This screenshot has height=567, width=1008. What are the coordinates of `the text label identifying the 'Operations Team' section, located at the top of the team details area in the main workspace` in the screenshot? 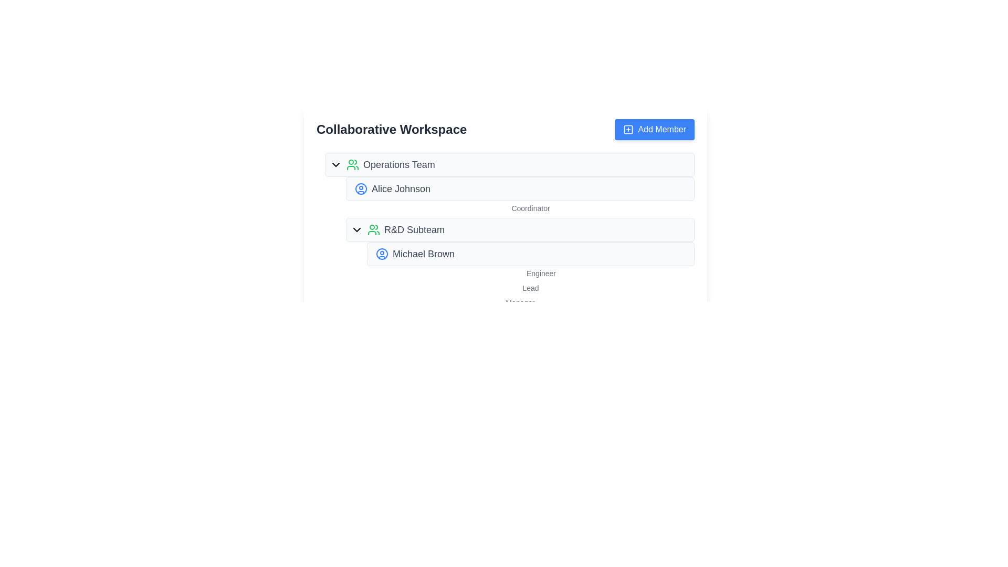 It's located at (398, 164).